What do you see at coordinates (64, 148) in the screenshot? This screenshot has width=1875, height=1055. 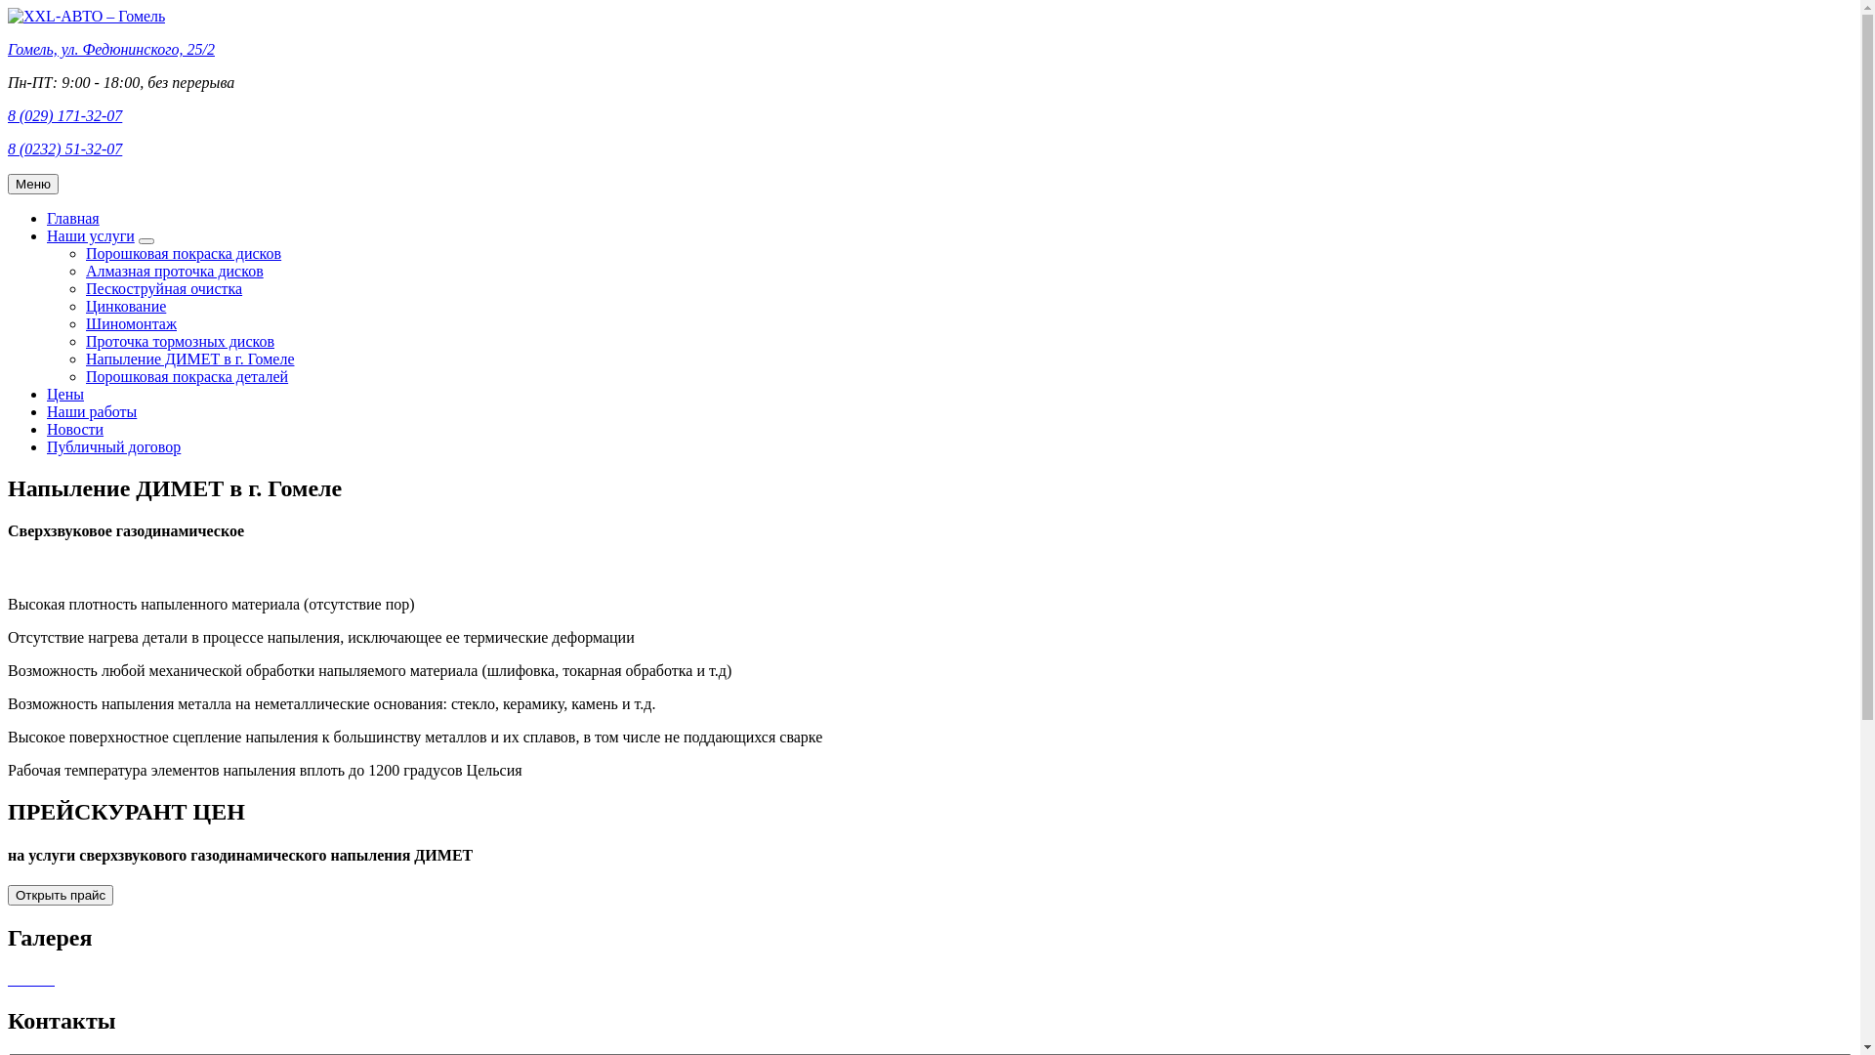 I see `'8 (0232) 51-32-07'` at bounding box center [64, 148].